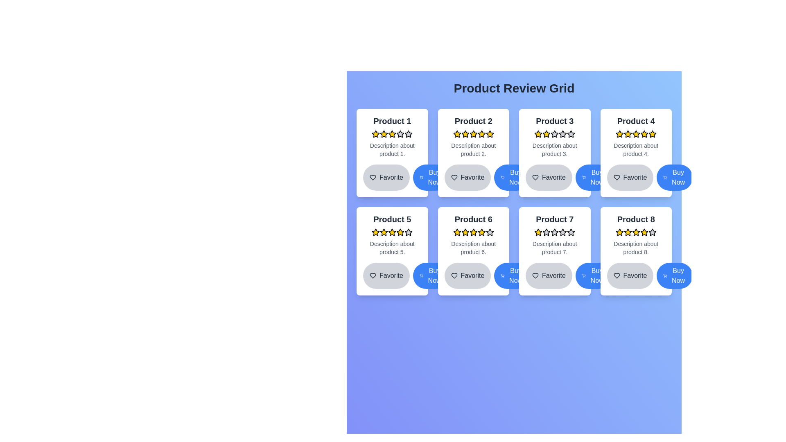 The width and height of the screenshot is (786, 442). What do you see at coordinates (490, 133) in the screenshot?
I see `the third star icon in the 5-star rating system for 'Product 2', which is located in the top row, second column of the grid interface` at bounding box center [490, 133].